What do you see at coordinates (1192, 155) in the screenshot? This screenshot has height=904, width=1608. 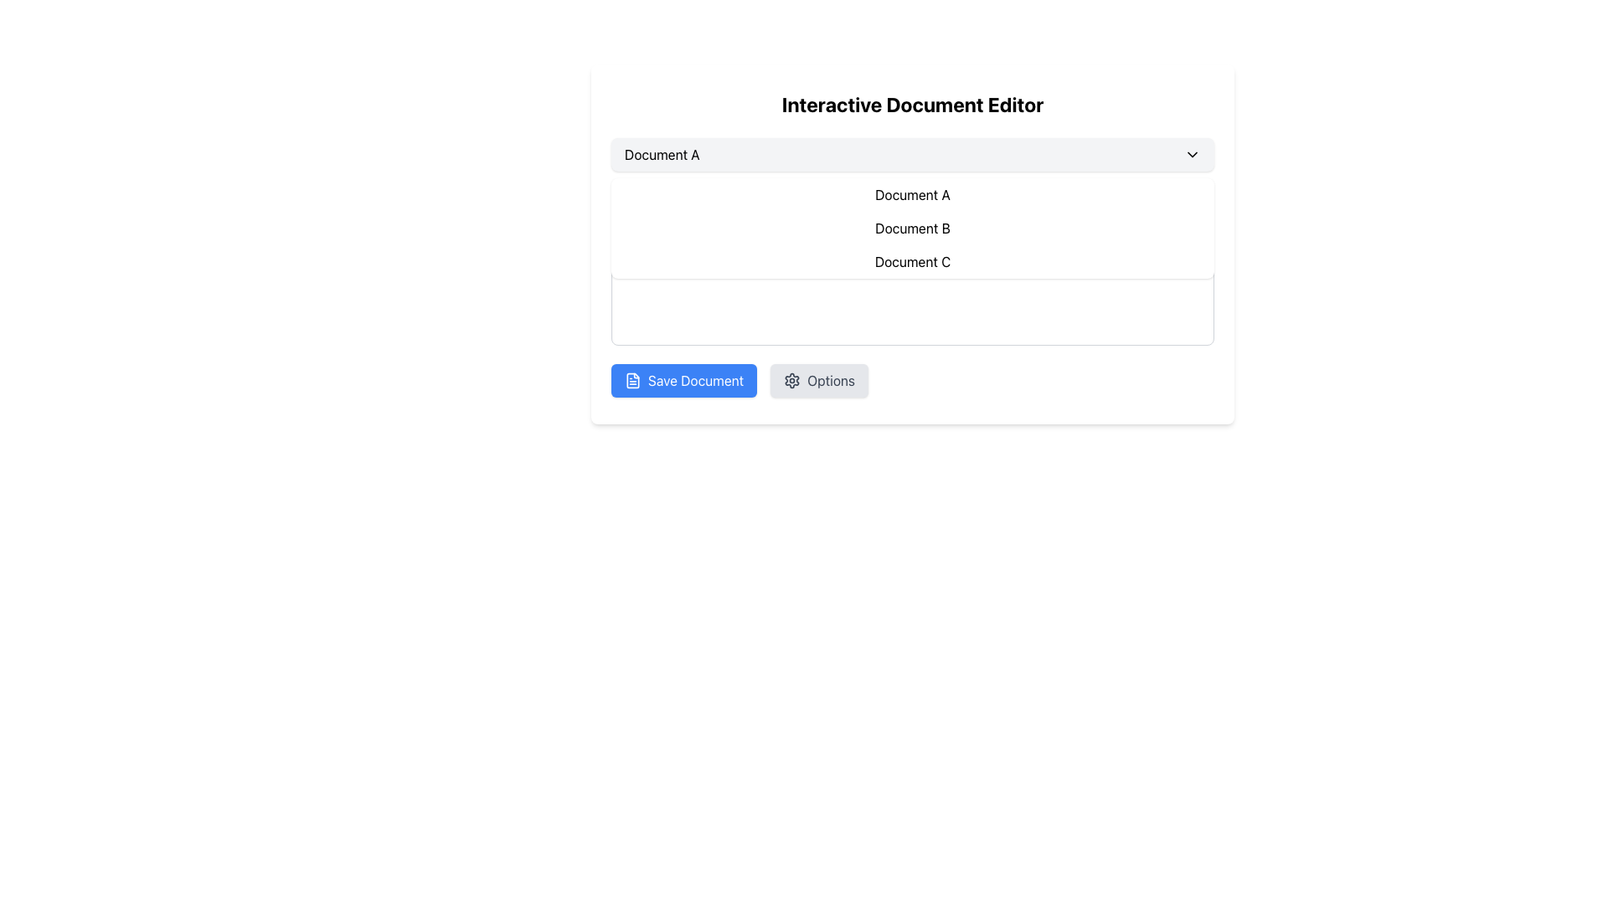 I see `the chevron down icon located on the right side of the 'Document A' button` at bounding box center [1192, 155].